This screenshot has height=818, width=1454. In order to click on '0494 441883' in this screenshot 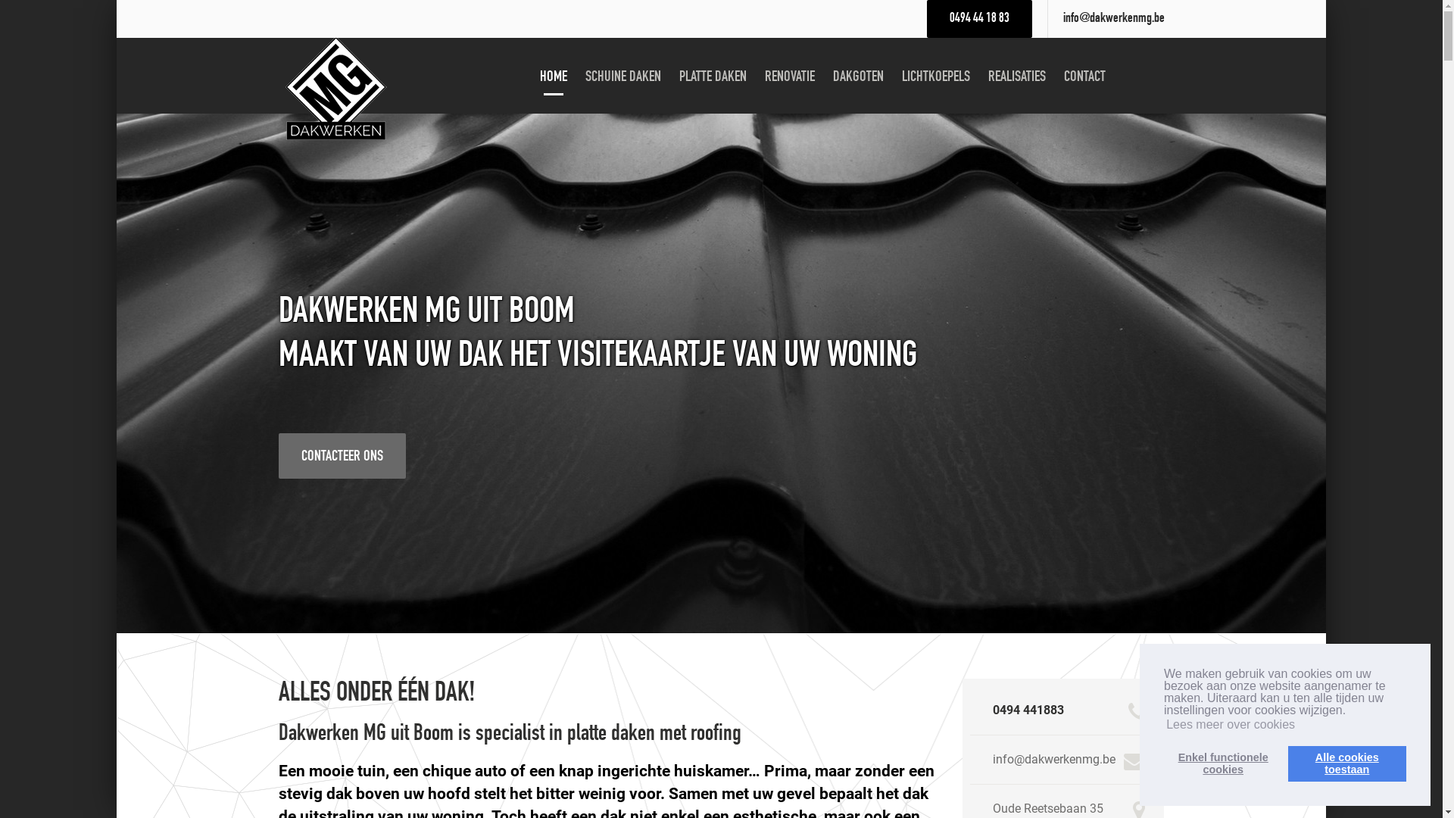, I will do `click(1028, 710)`.